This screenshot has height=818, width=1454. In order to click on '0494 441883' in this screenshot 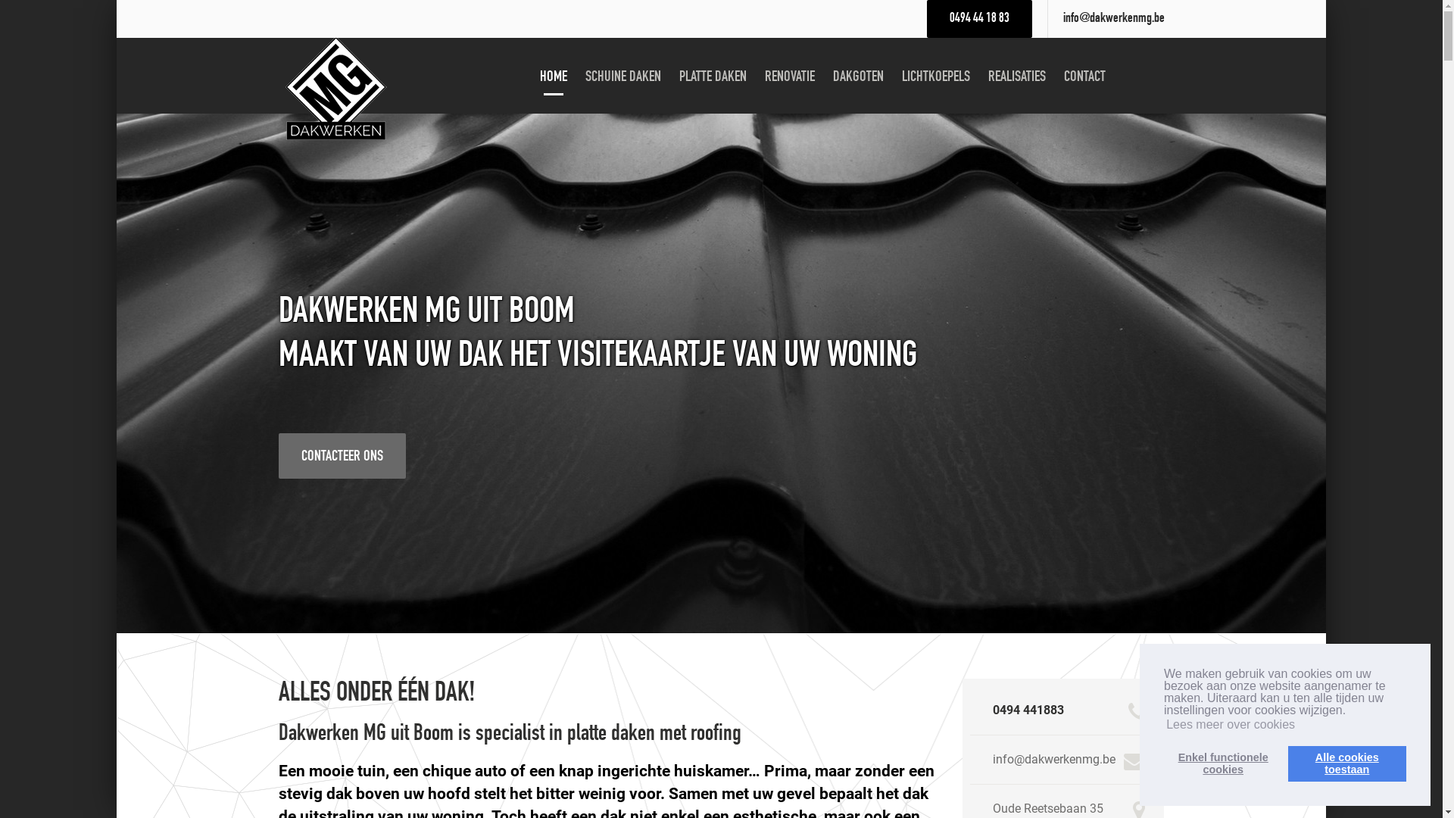, I will do `click(1028, 710)`.